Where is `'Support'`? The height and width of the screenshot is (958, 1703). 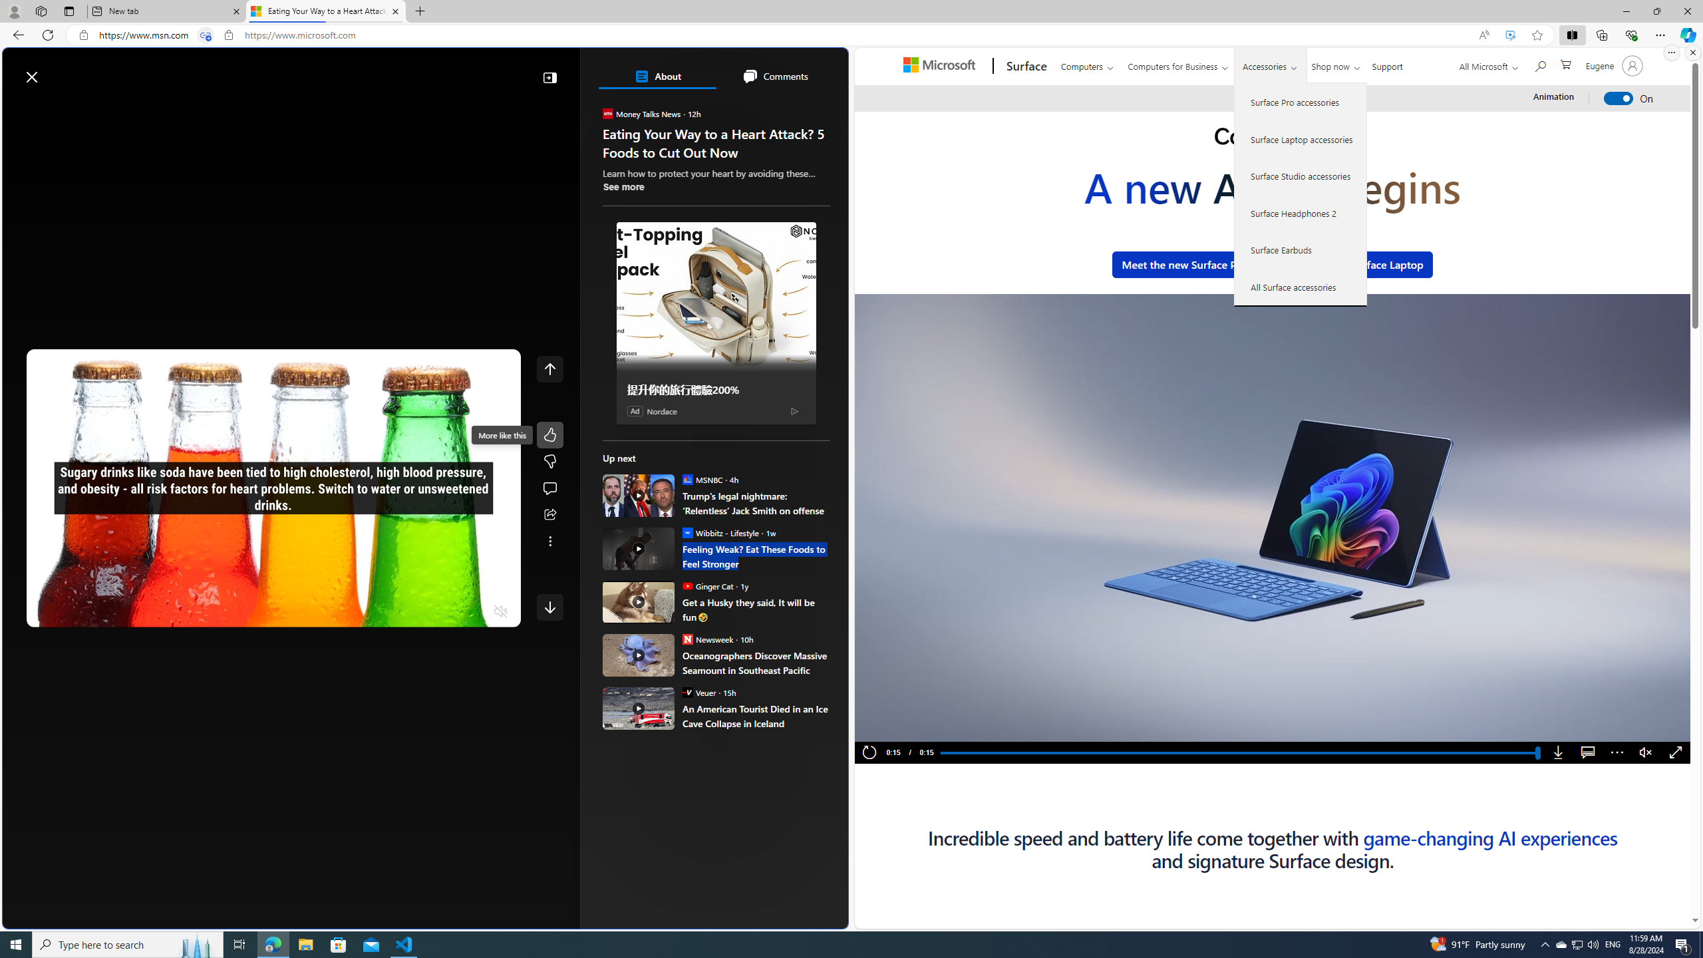
'Support' is located at coordinates (1386, 63).